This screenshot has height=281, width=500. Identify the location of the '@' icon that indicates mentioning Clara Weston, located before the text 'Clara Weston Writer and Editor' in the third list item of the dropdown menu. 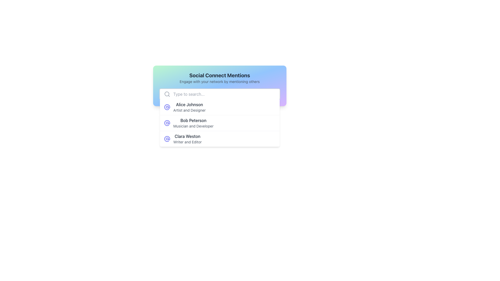
(167, 138).